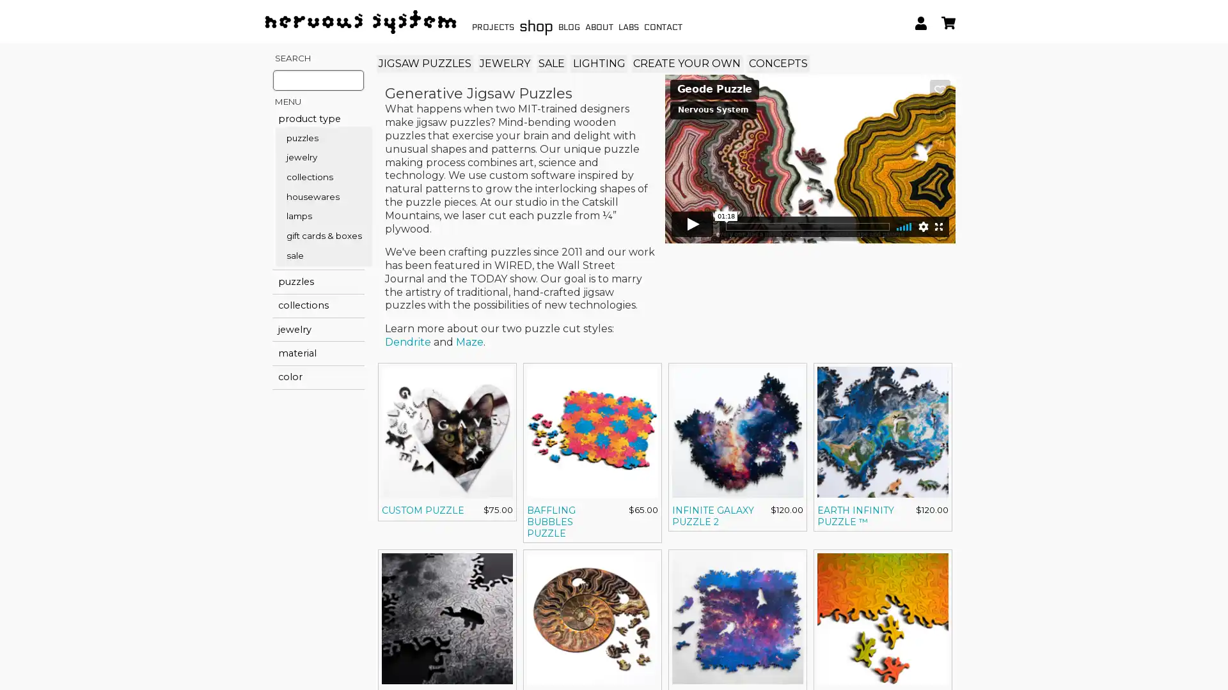 The width and height of the screenshot is (1228, 690). What do you see at coordinates (318, 305) in the screenshot?
I see `collections` at bounding box center [318, 305].